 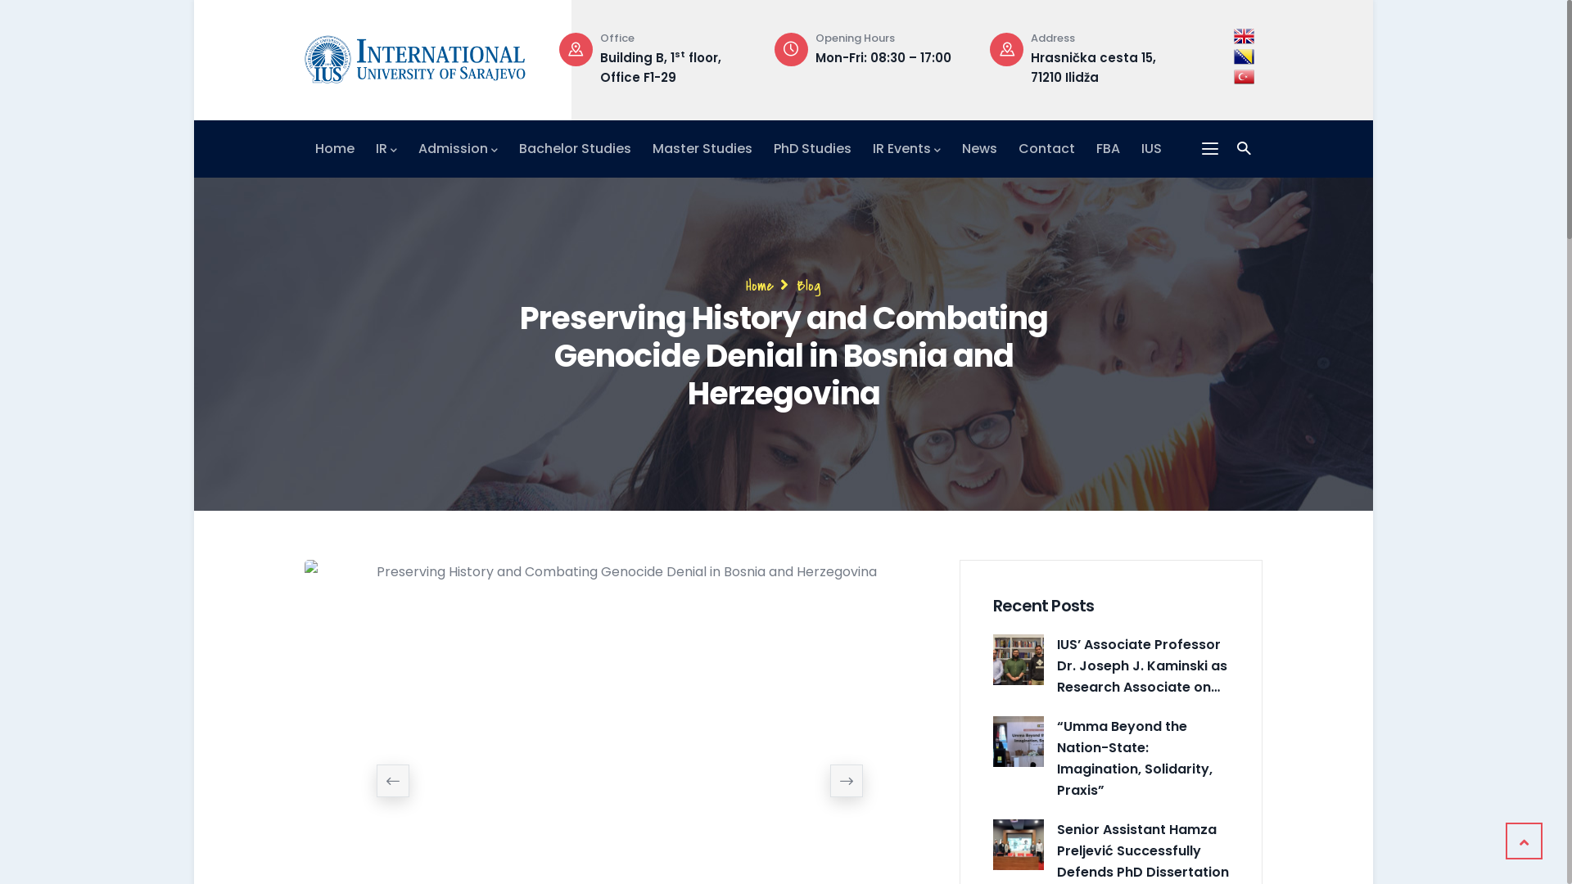 What do you see at coordinates (1234, 36) in the screenshot?
I see `'Engleski'` at bounding box center [1234, 36].